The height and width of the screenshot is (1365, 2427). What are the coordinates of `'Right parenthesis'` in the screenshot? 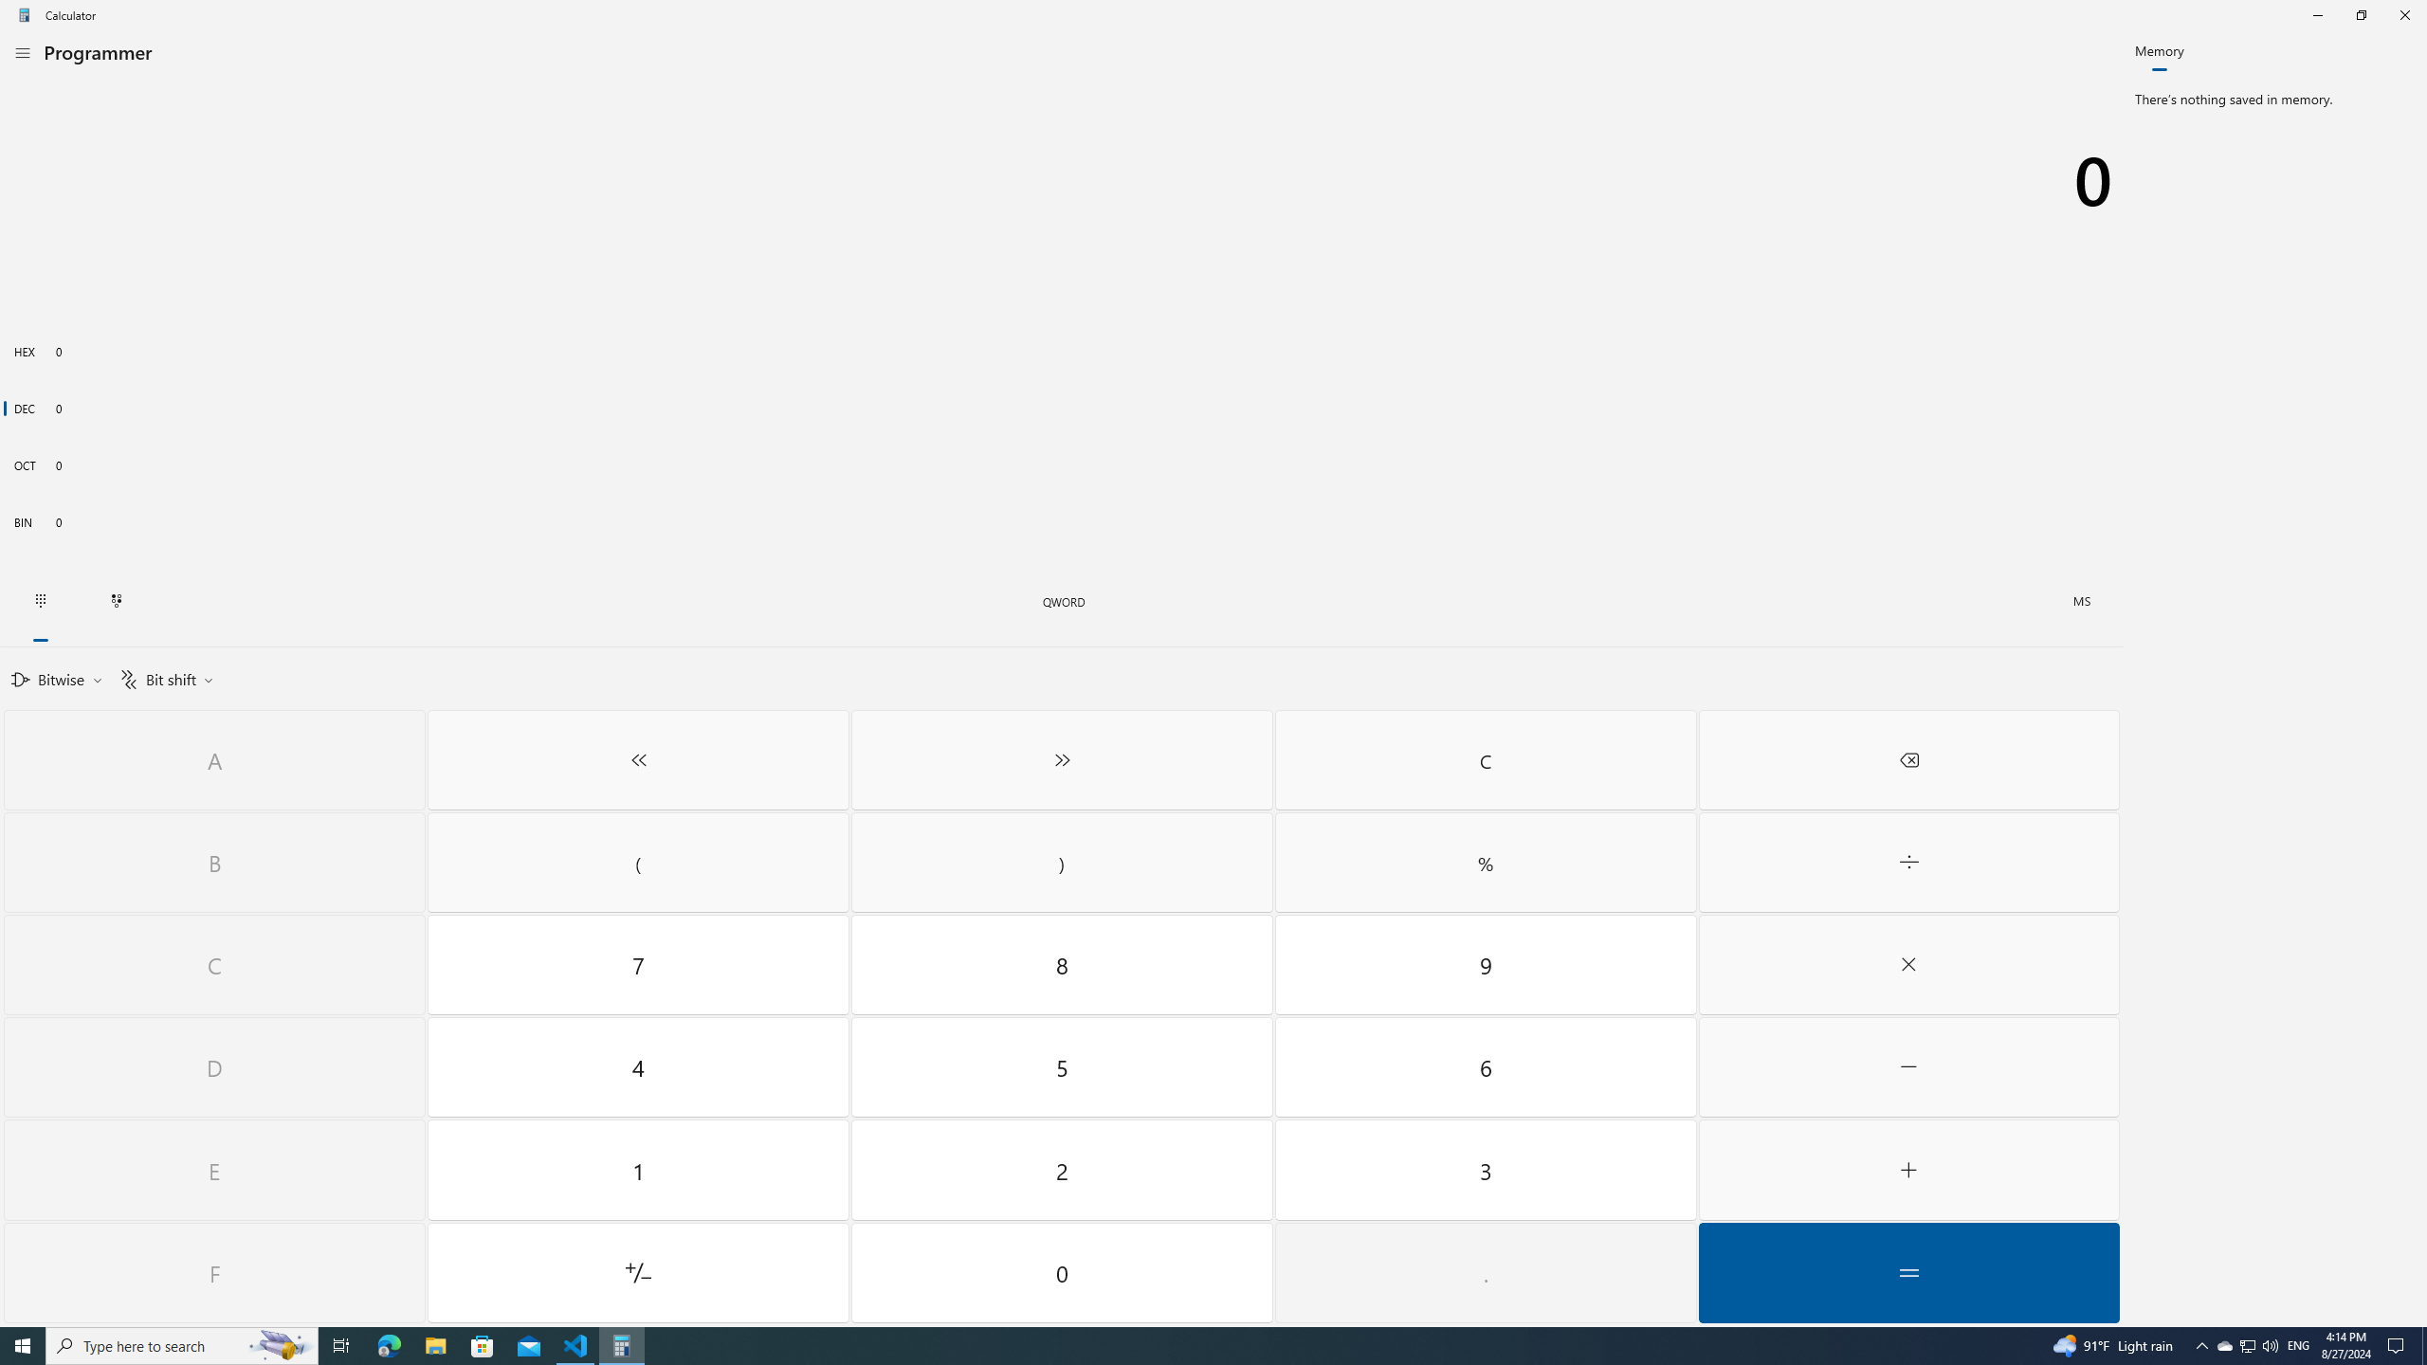 It's located at (1063, 862).